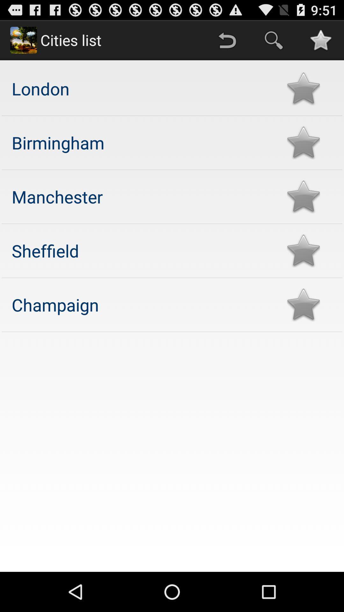 This screenshot has height=612, width=344. What do you see at coordinates (143, 250) in the screenshot?
I see `the sheffield app` at bounding box center [143, 250].